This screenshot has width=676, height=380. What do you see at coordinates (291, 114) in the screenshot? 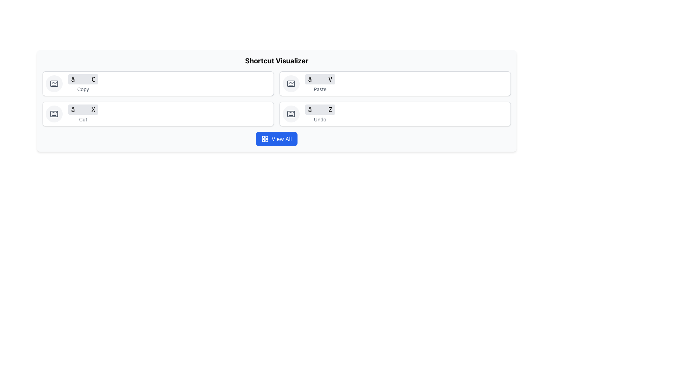
I see `the central rectangular SVG shape with rounded corners that is part of the keyboard icon` at bounding box center [291, 114].